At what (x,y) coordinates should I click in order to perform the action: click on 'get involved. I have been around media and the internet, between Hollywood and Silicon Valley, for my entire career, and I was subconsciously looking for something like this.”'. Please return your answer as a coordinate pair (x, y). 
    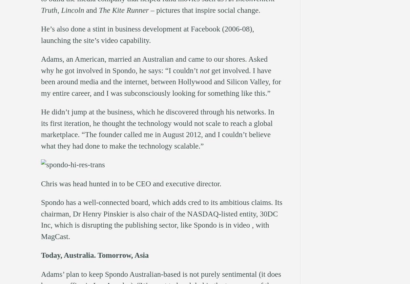
    Looking at the image, I should click on (160, 81).